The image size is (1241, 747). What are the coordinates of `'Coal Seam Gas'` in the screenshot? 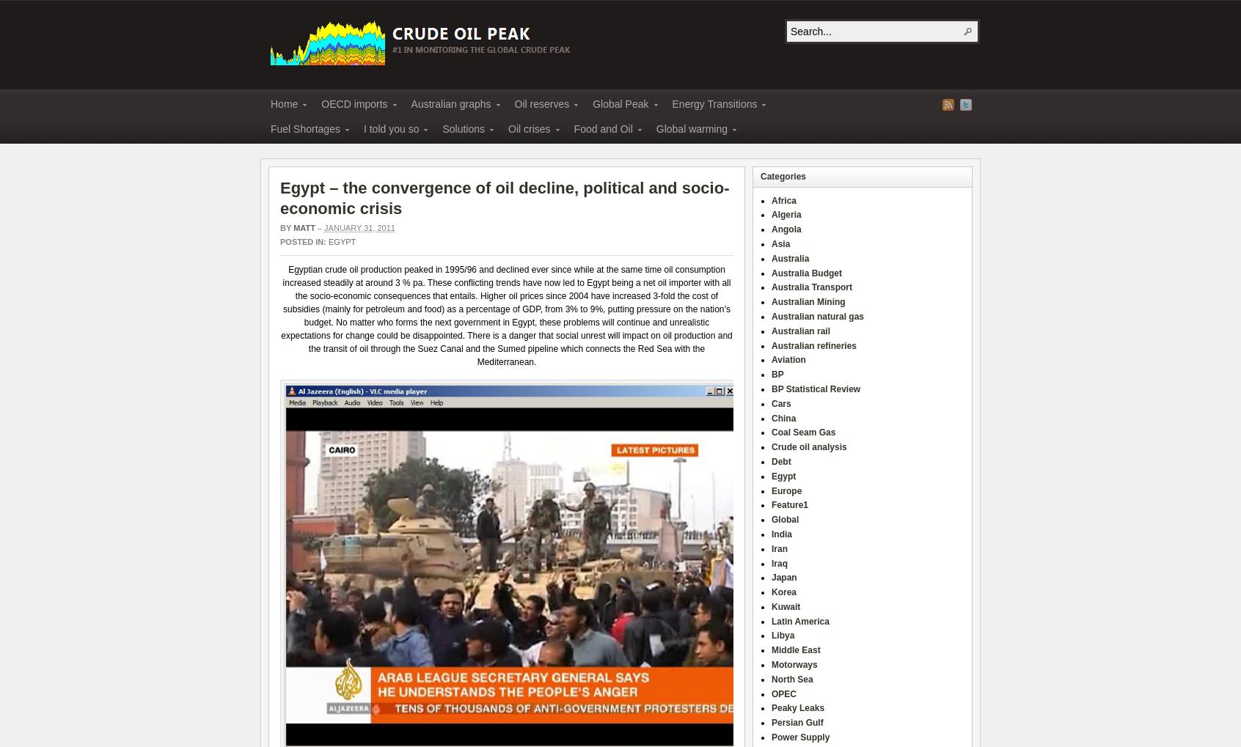 It's located at (803, 432).